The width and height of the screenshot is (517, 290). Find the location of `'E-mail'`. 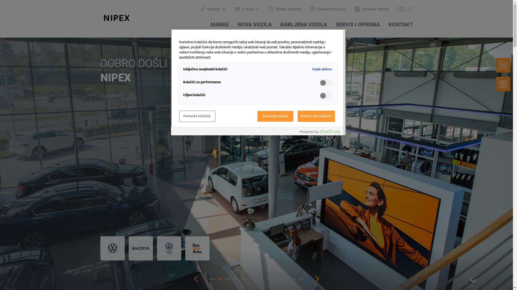

'E-mail' is located at coordinates (235, 9).